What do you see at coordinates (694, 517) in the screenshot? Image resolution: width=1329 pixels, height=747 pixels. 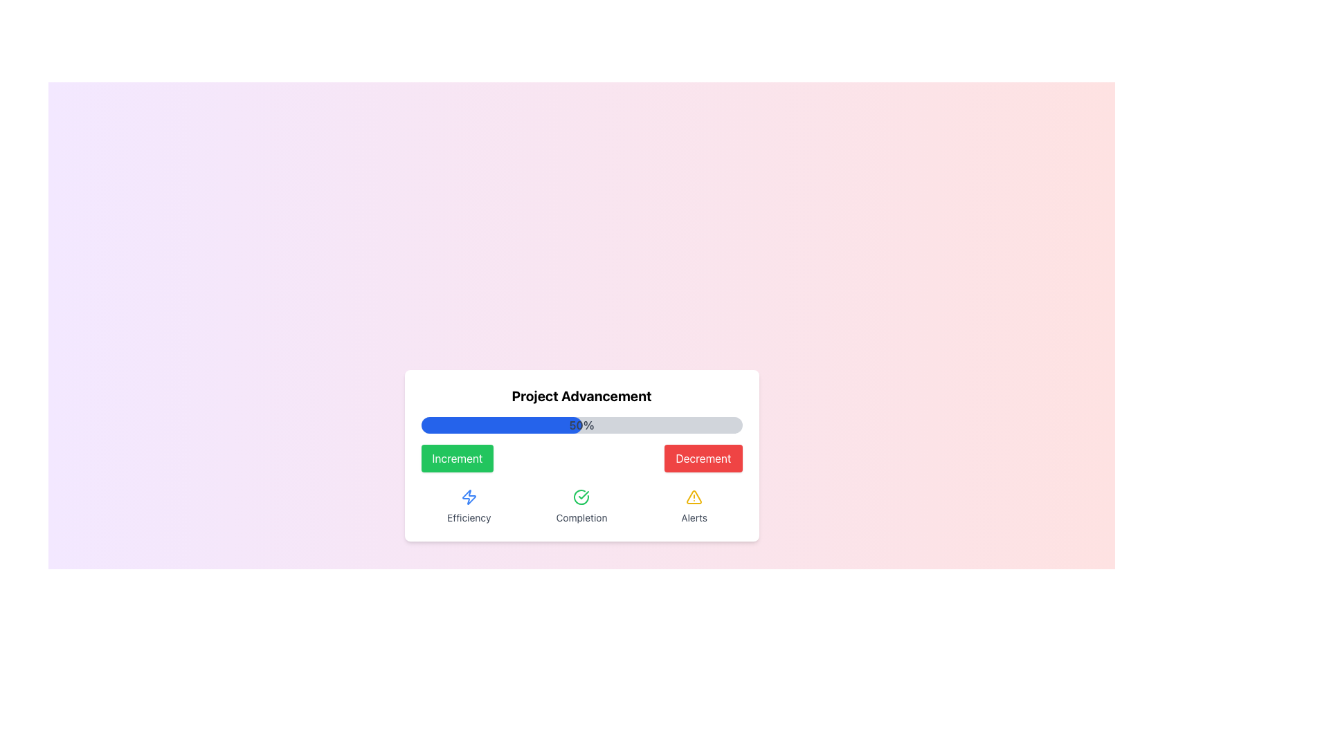 I see `the text label displaying the word 'Alerts', which is styled in gray and located below the warning triangle icon and the 'Decrement' button` at bounding box center [694, 517].